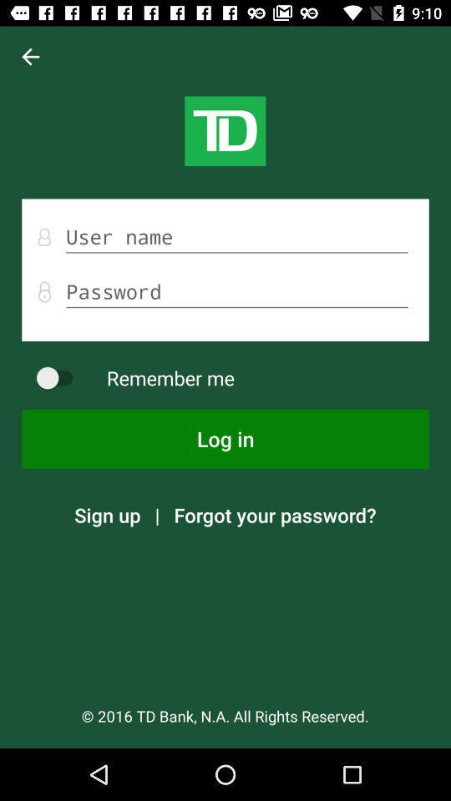  What do you see at coordinates (107, 514) in the screenshot?
I see `the icon below the log in item` at bounding box center [107, 514].